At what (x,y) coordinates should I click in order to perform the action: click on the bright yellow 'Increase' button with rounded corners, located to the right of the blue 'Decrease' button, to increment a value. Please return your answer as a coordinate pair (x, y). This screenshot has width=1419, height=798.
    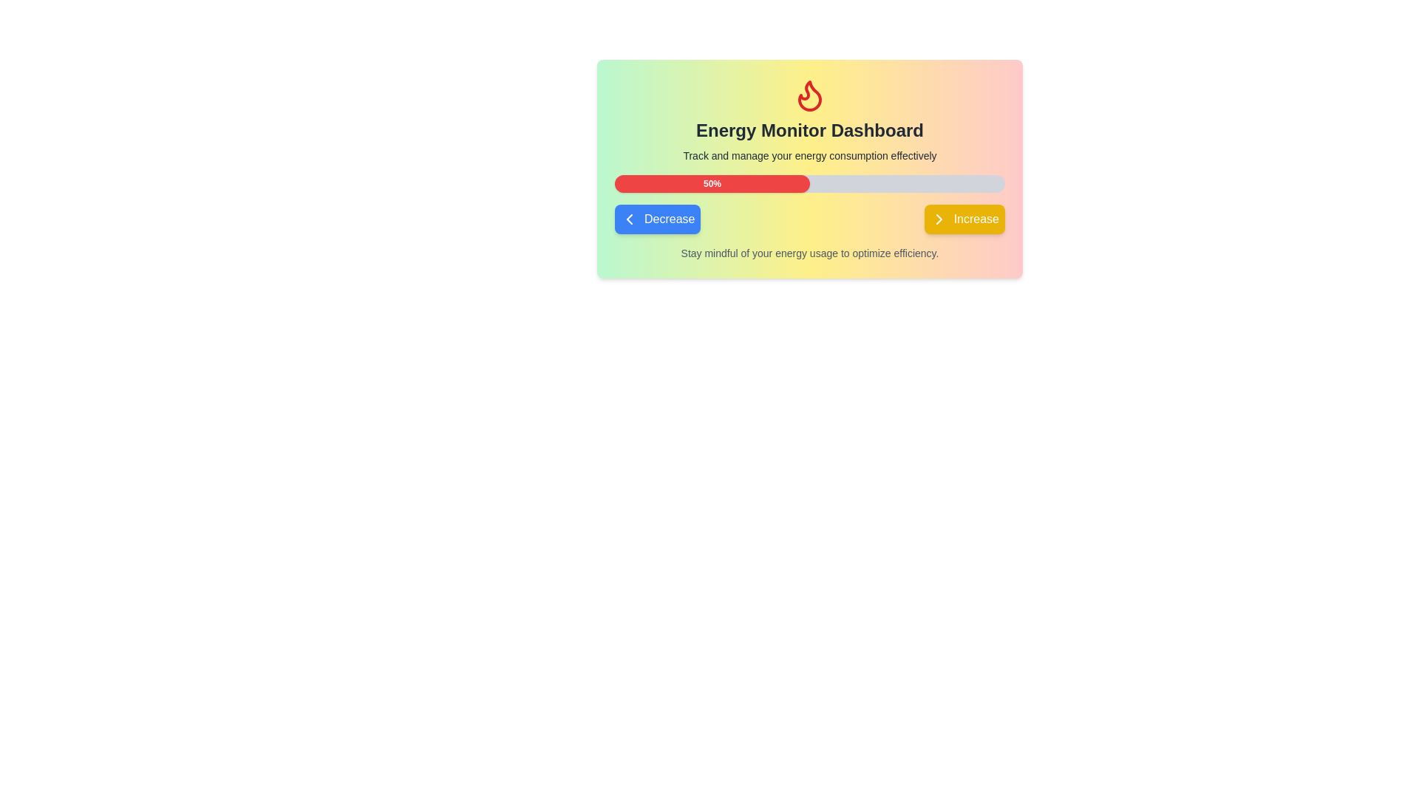
    Looking at the image, I should click on (964, 219).